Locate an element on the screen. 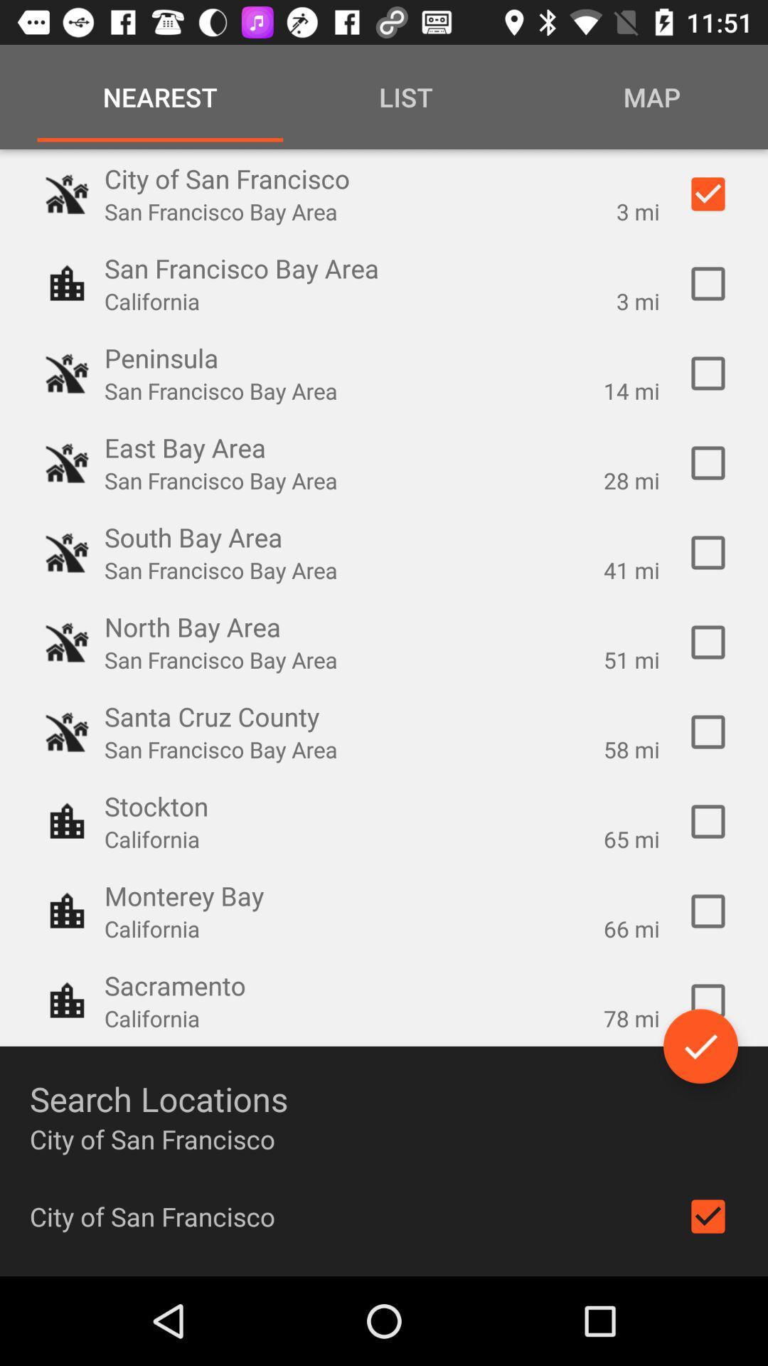 The width and height of the screenshot is (768, 1366). check or uncheck the city is located at coordinates (708, 1215).